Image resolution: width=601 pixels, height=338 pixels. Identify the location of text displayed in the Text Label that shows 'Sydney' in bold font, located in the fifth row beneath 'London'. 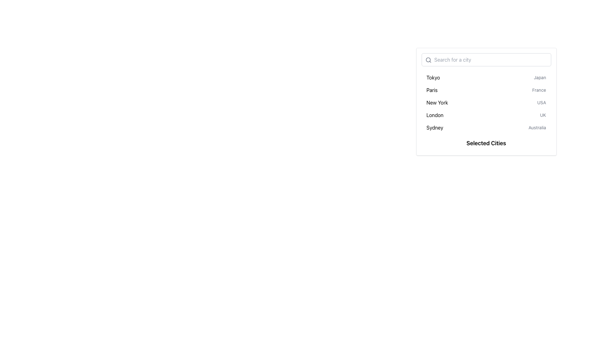
(434, 127).